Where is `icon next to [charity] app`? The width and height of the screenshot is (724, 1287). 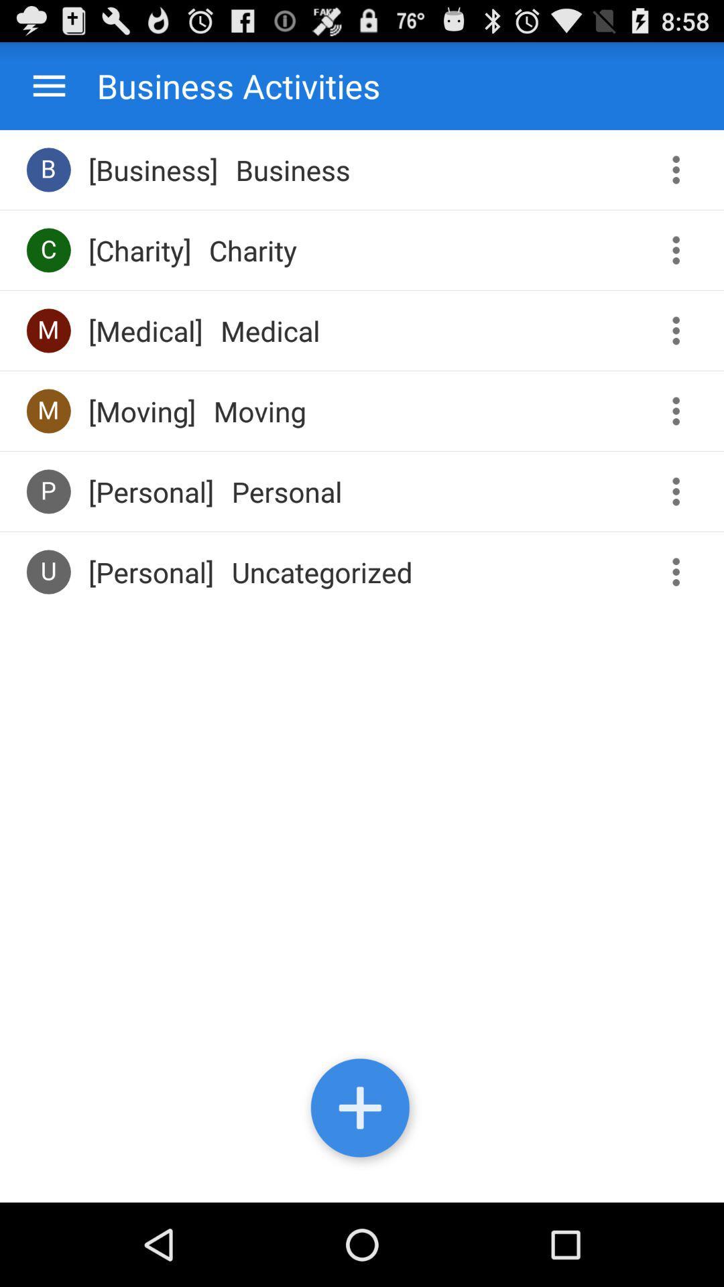 icon next to [charity] app is located at coordinates (48, 250).